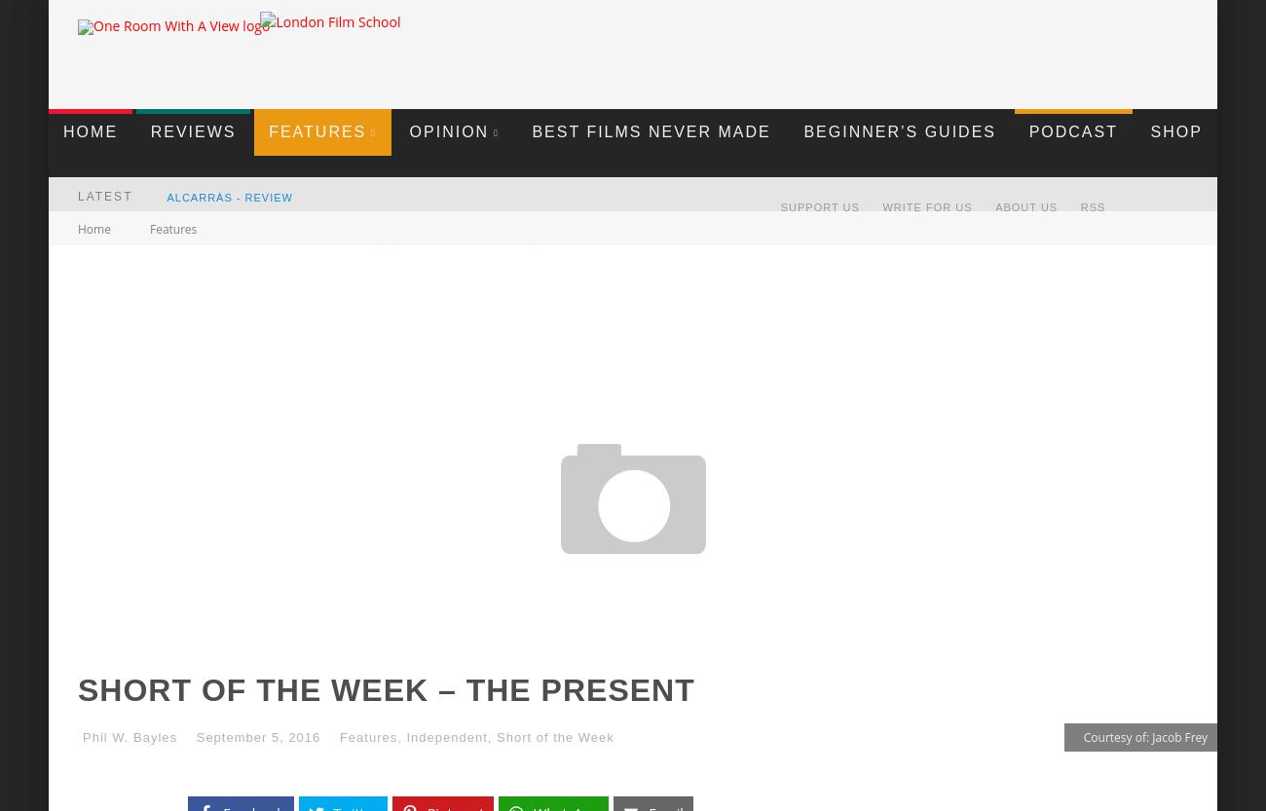 Image resolution: width=1266 pixels, height=811 pixels. Describe the element at coordinates (926, 205) in the screenshot. I see `'Write For Us'` at that location.